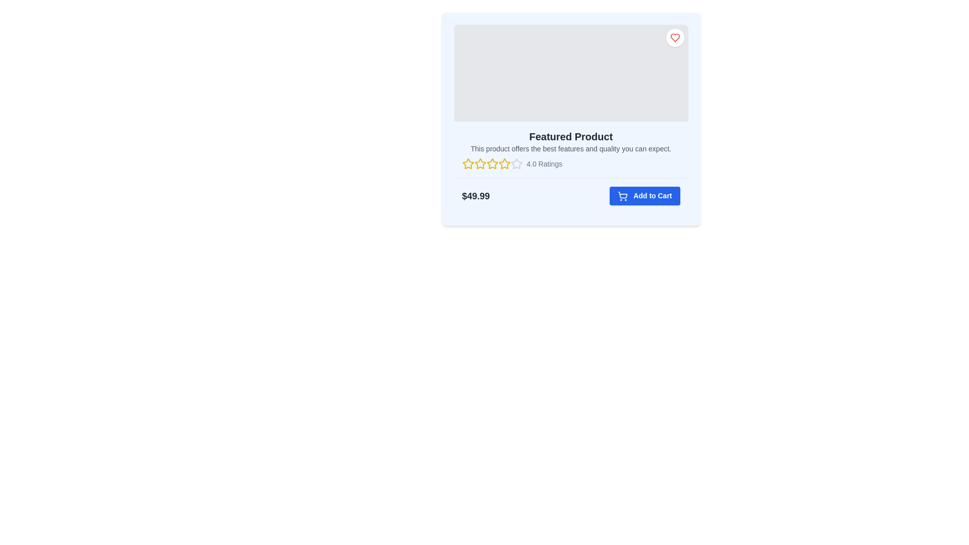  Describe the element at coordinates (571, 163) in the screenshot. I see `the Rating indicator displaying '4.0 Ratings' with five stars, where the first four stars are yellow and the last one is gray, located below the product title` at that location.